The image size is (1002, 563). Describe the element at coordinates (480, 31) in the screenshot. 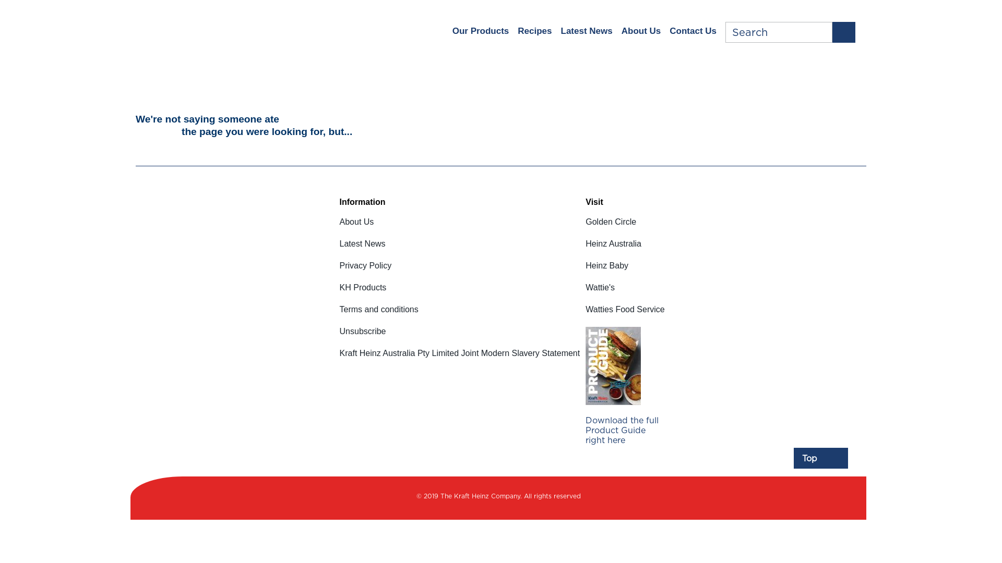

I see `'Our Products'` at that location.